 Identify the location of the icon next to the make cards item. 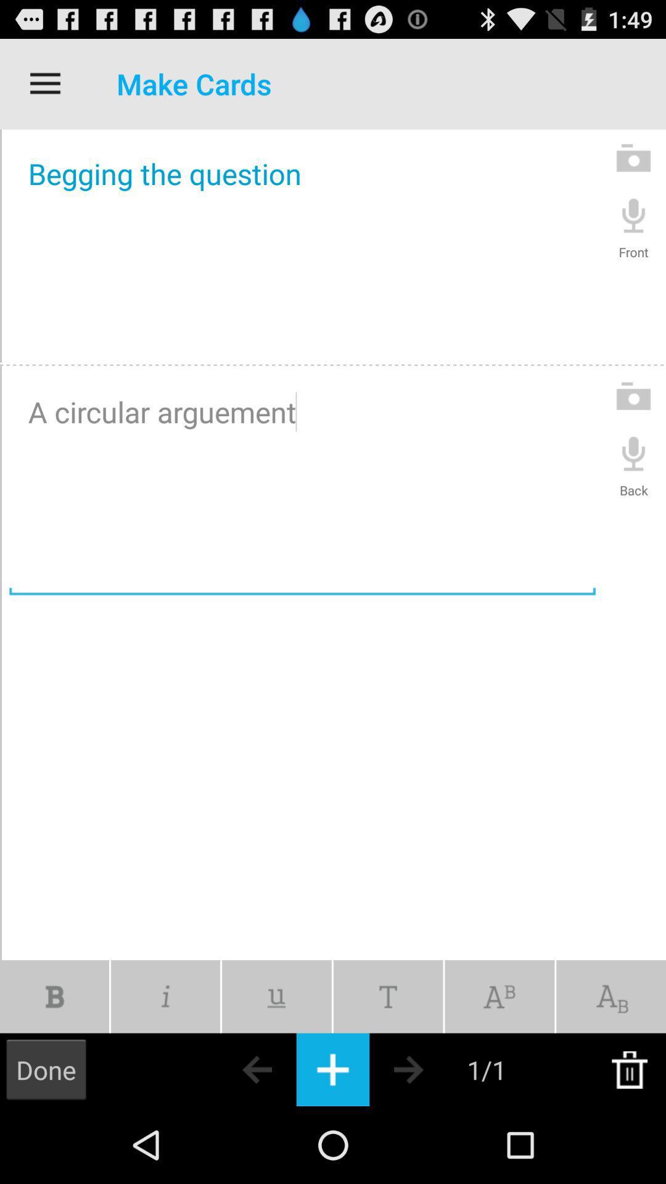
(44, 83).